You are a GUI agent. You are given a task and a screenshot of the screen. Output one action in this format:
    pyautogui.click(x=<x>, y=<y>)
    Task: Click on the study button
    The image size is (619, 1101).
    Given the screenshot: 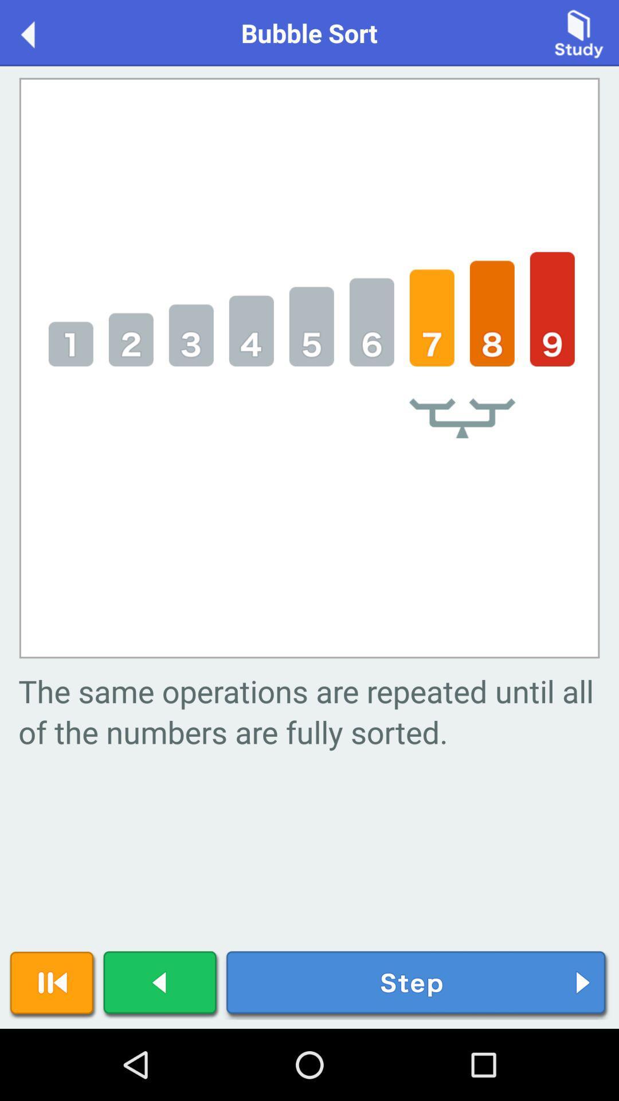 What is the action you would take?
    pyautogui.click(x=579, y=32)
    